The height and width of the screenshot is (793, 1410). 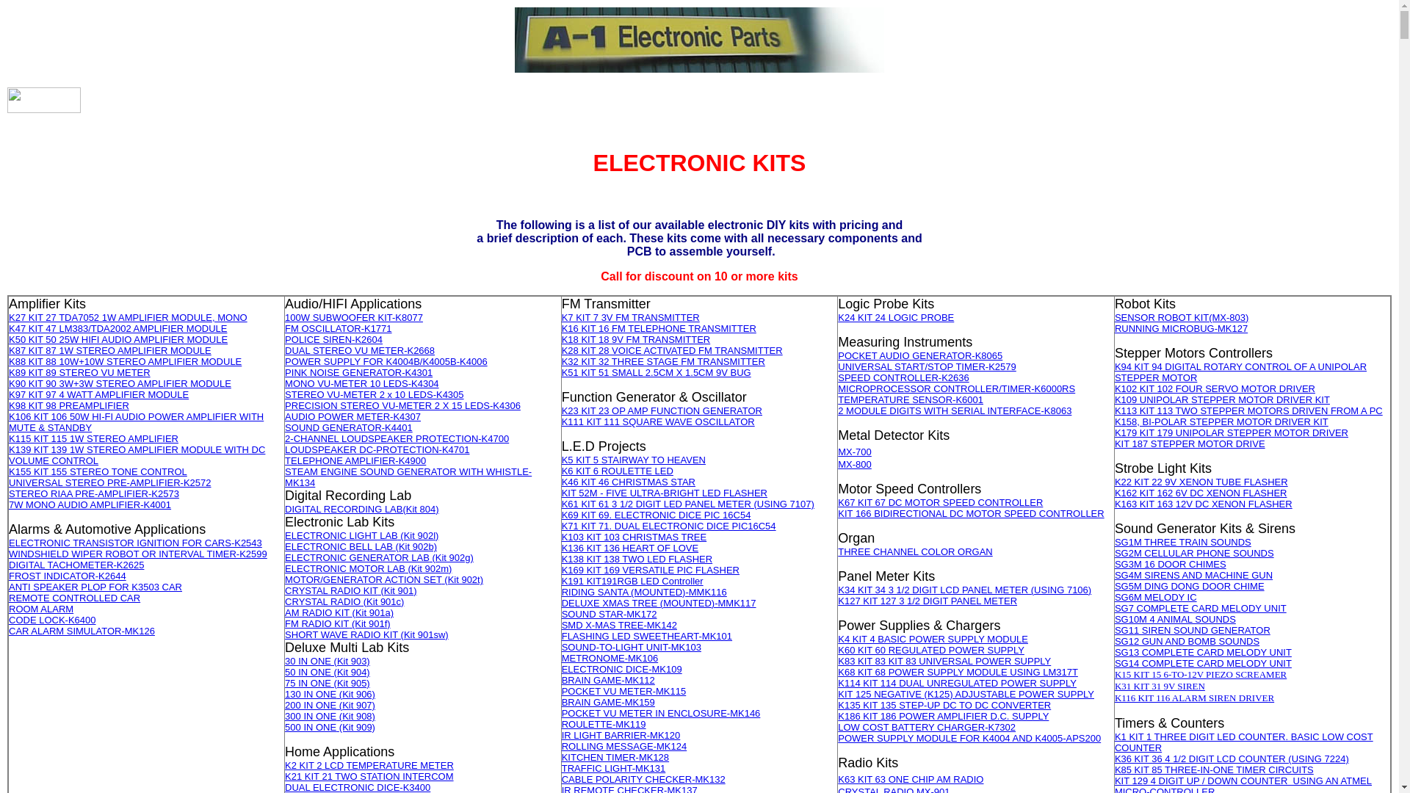 I want to click on 'K85 KIT 85 THREE-IN-ONE TIMER CIRCUITS', so click(x=1114, y=769).